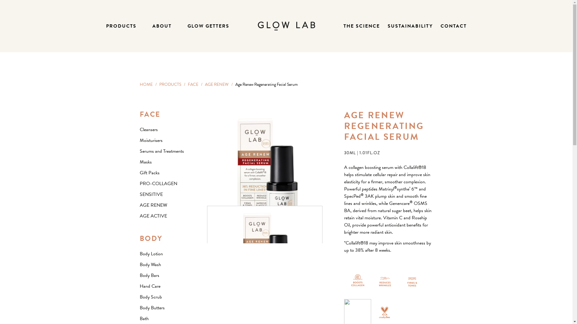  Describe the element at coordinates (264, 263) in the screenshot. I see `'Age Renew Regenerating Facial Serum'` at that location.